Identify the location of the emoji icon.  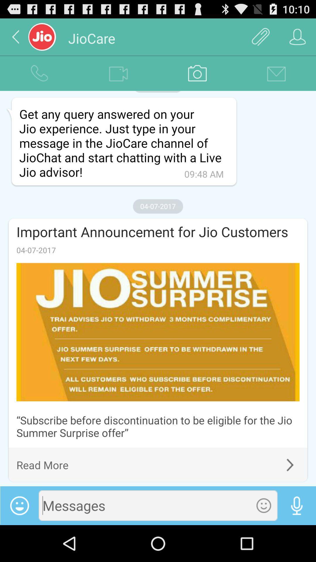
(264, 541).